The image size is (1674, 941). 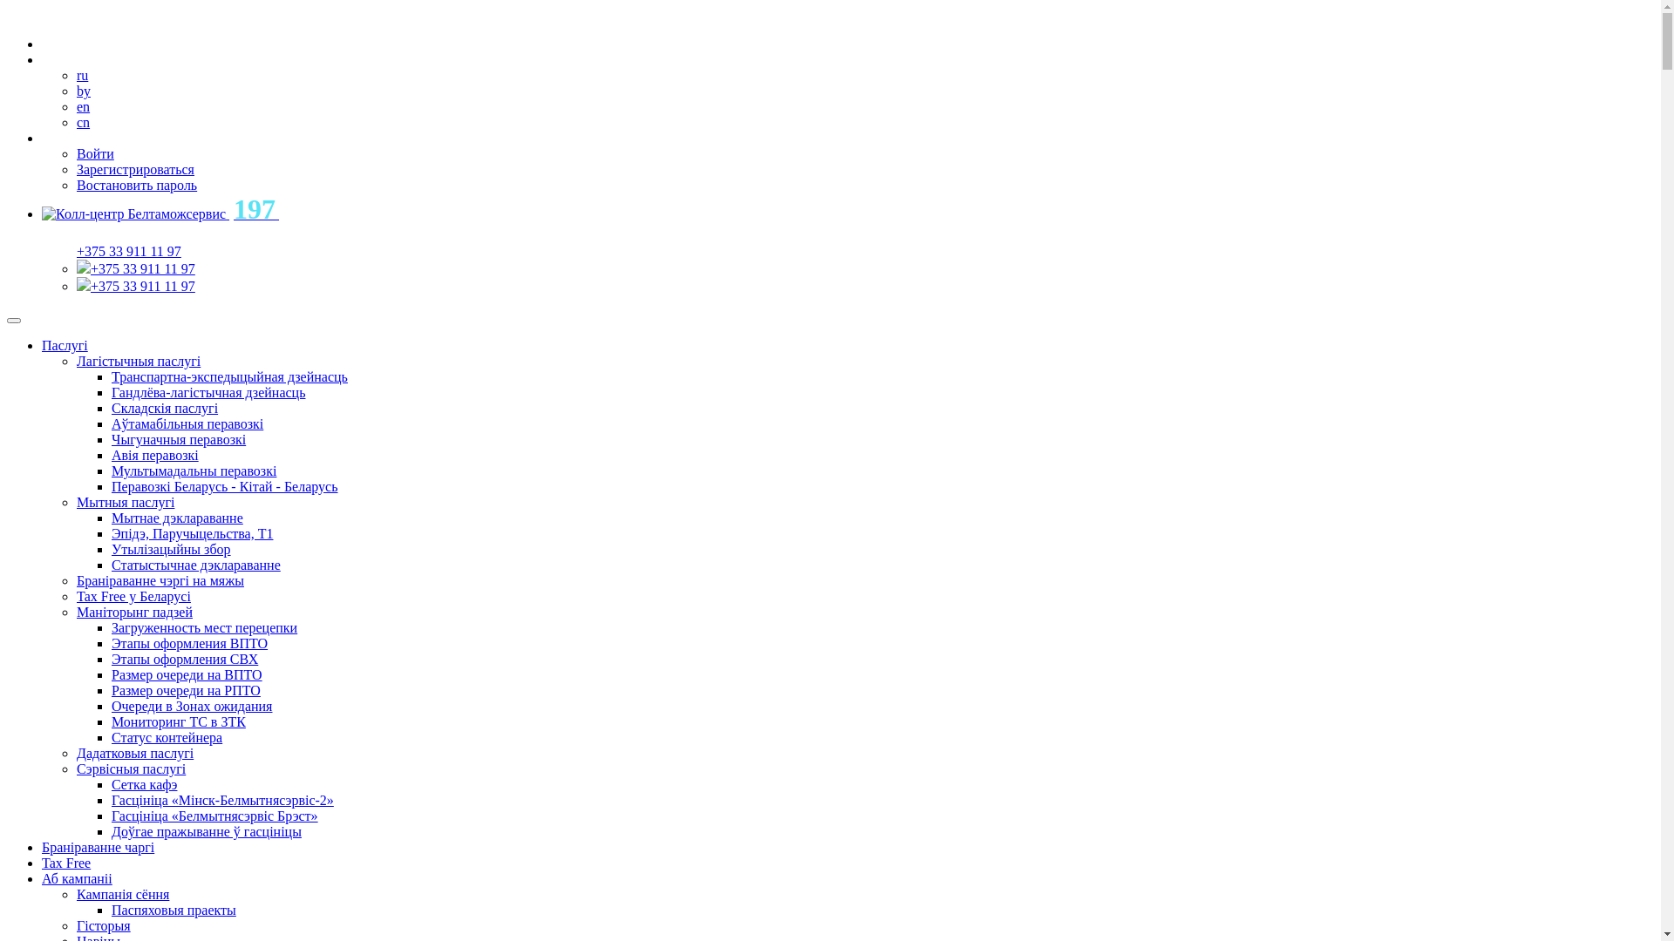 What do you see at coordinates (160, 213) in the screenshot?
I see `'197'` at bounding box center [160, 213].